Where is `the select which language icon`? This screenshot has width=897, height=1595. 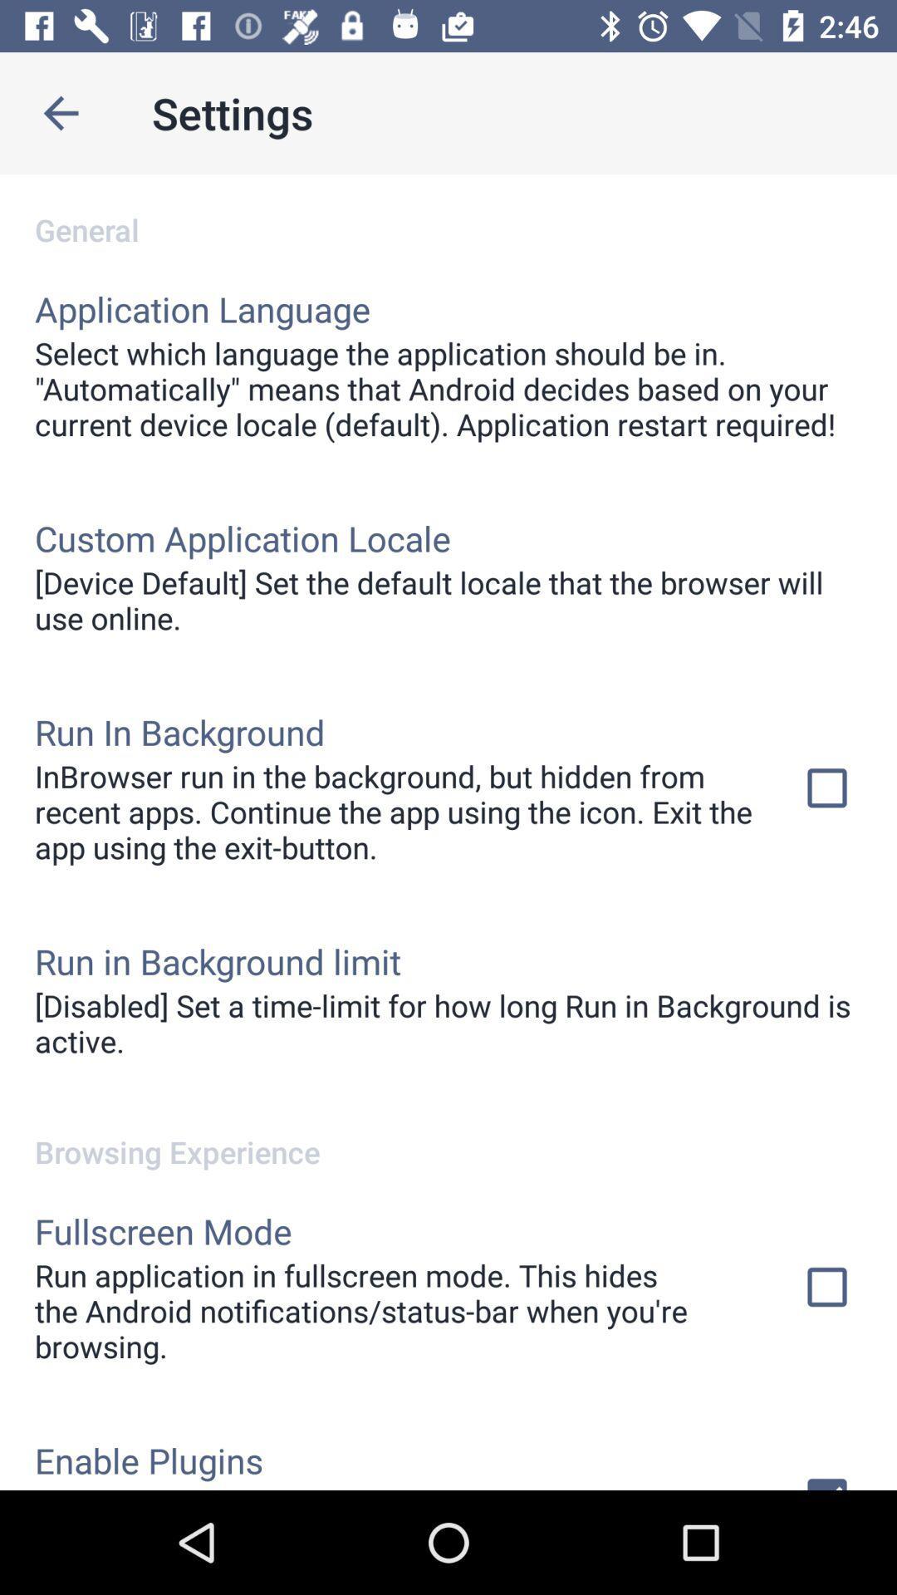
the select which language icon is located at coordinates (448, 388).